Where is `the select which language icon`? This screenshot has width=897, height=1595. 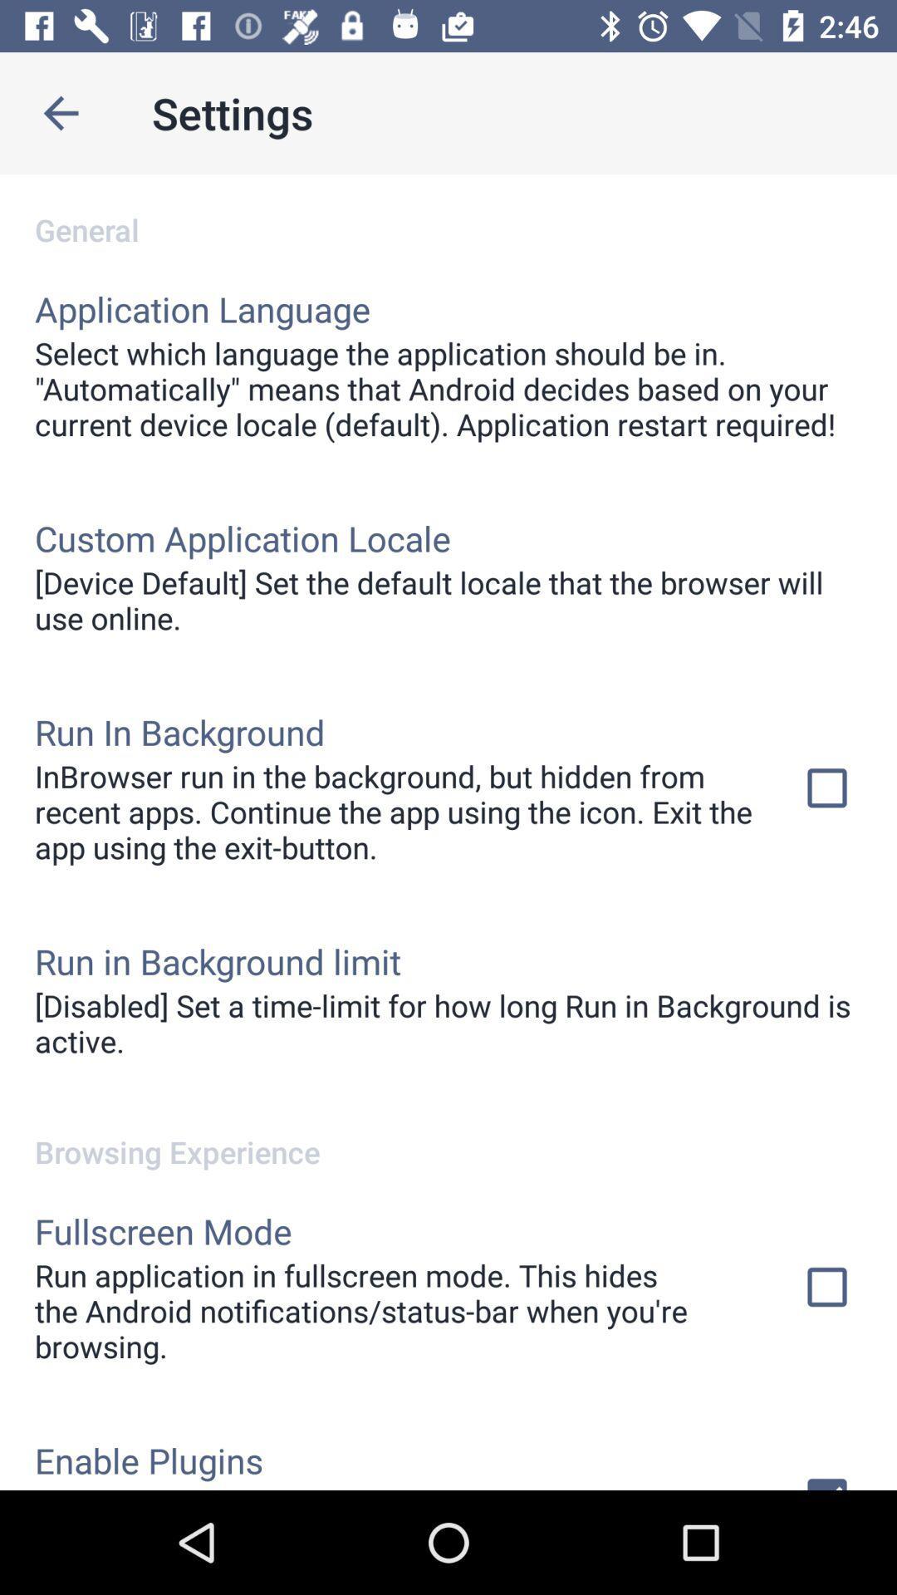
the select which language icon is located at coordinates (448, 388).